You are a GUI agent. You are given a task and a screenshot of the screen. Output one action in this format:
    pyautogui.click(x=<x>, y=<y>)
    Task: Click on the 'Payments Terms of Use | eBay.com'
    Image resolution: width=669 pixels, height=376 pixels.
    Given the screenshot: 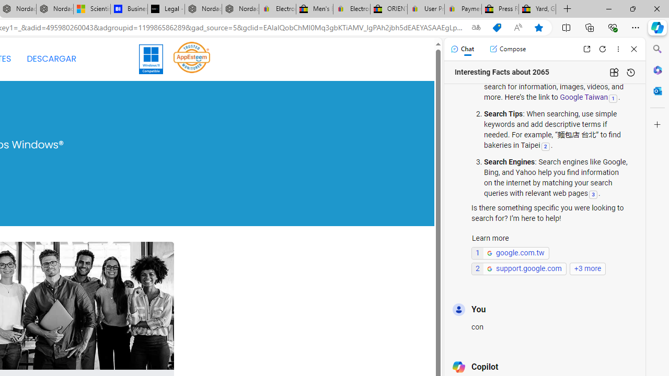 What is the action you would take?
    pyautogui.click(x=463, y=9)
    